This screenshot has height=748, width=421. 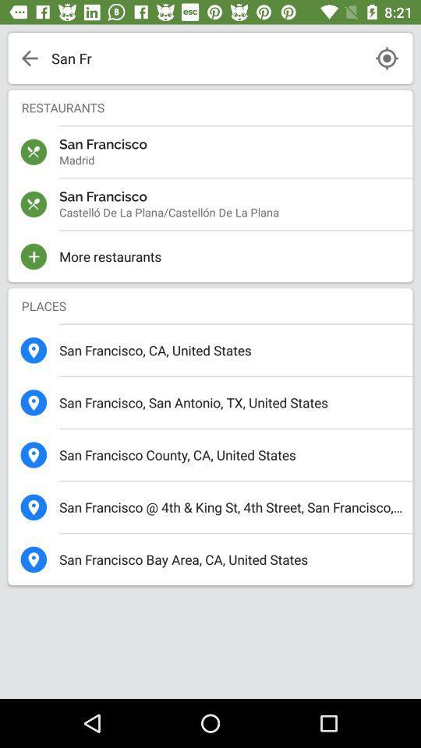 I want to click on go back, so click(x=30, y=58).